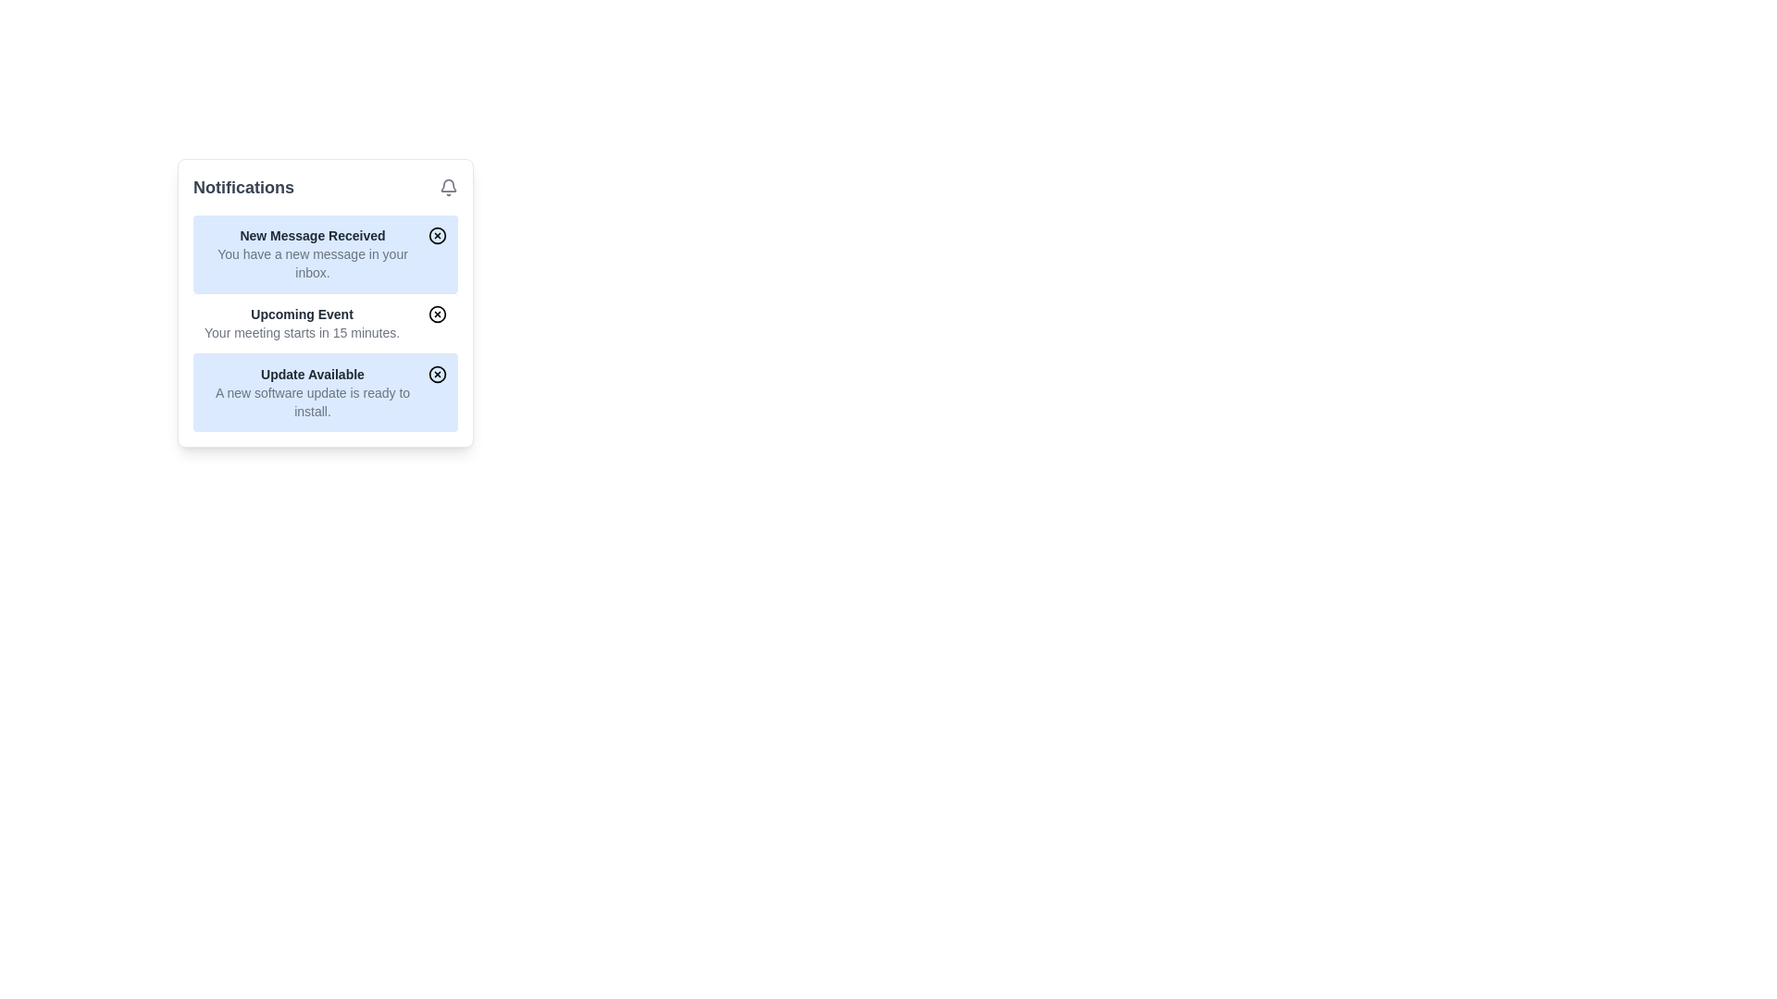  What do you see at coordinates (312, 391) in the screenshot?
I see `the 'Update Available' notification, which is the third notification in the list of notifications, displayed in a light blue rounded rectangular area containing two lines of text` at bounding box center [312, 391].